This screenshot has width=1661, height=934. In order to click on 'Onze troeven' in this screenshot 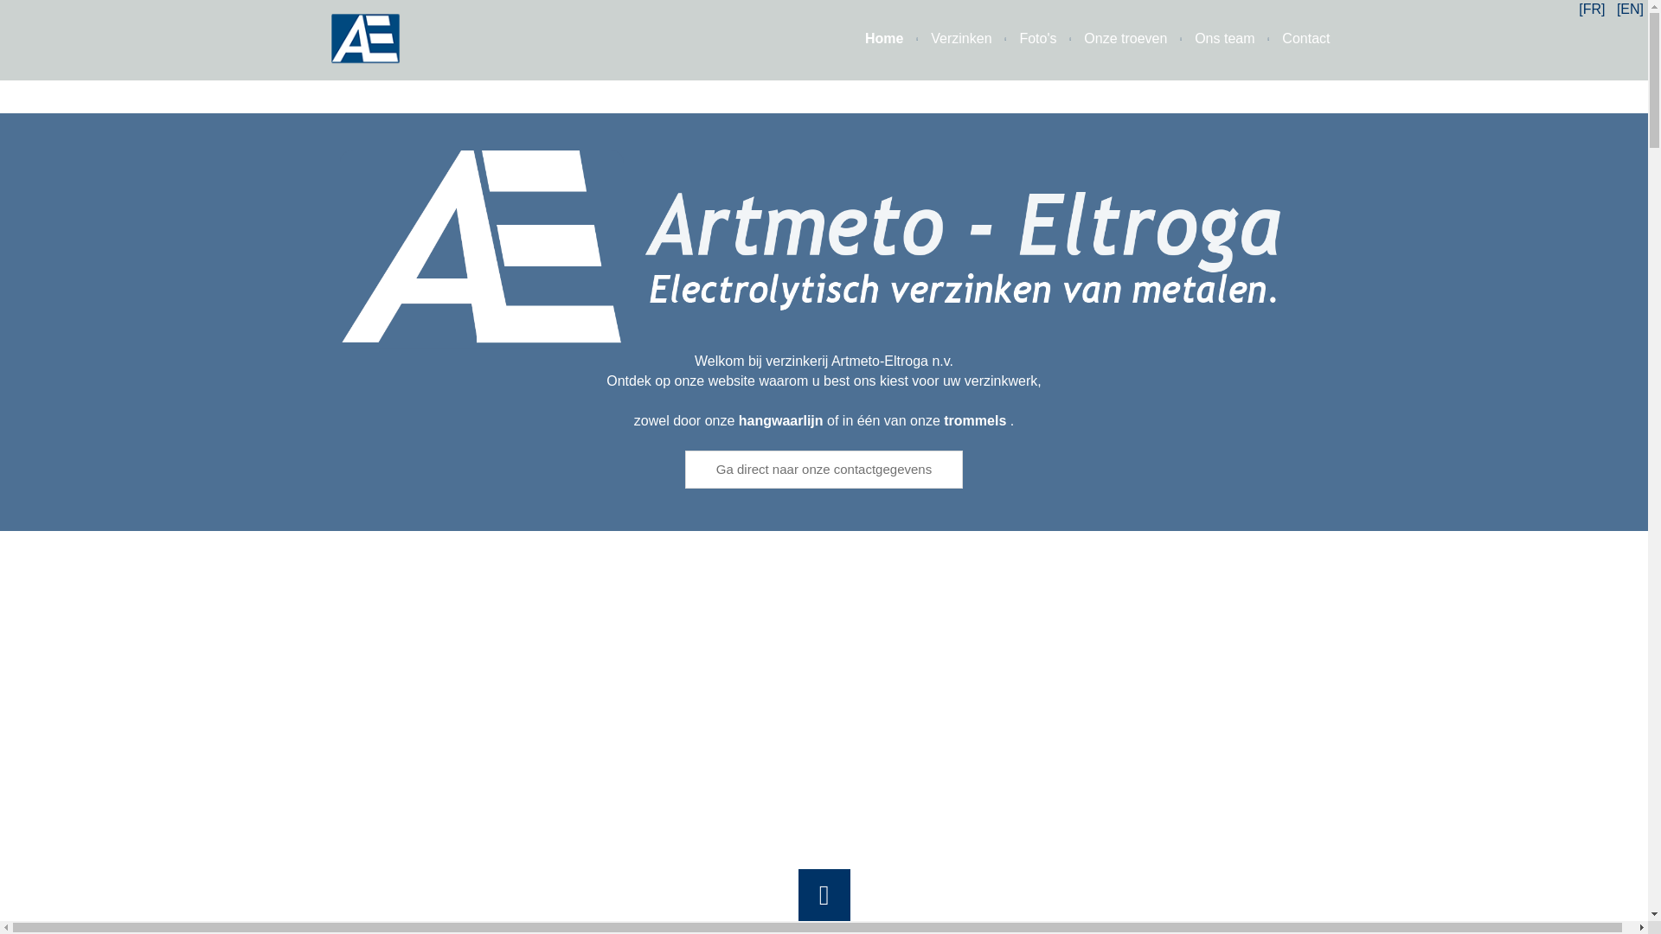, I will do `click(1055, 39)`.